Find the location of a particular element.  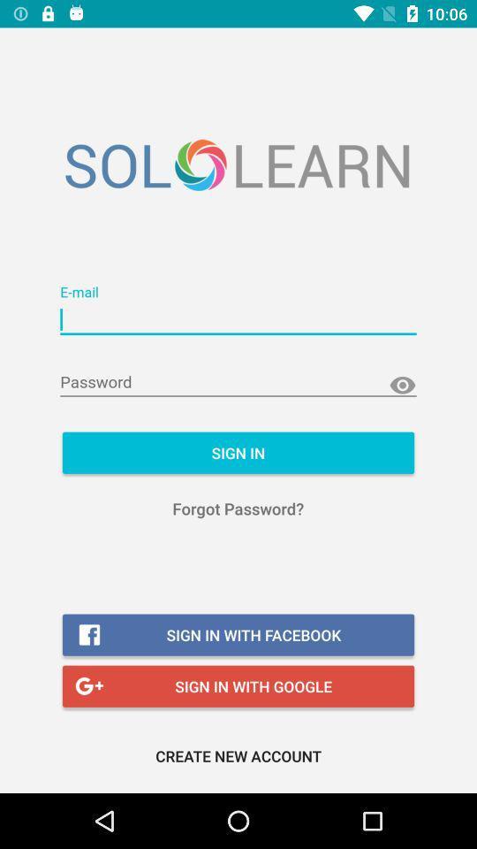

password field is located at coordinates (238, 382).